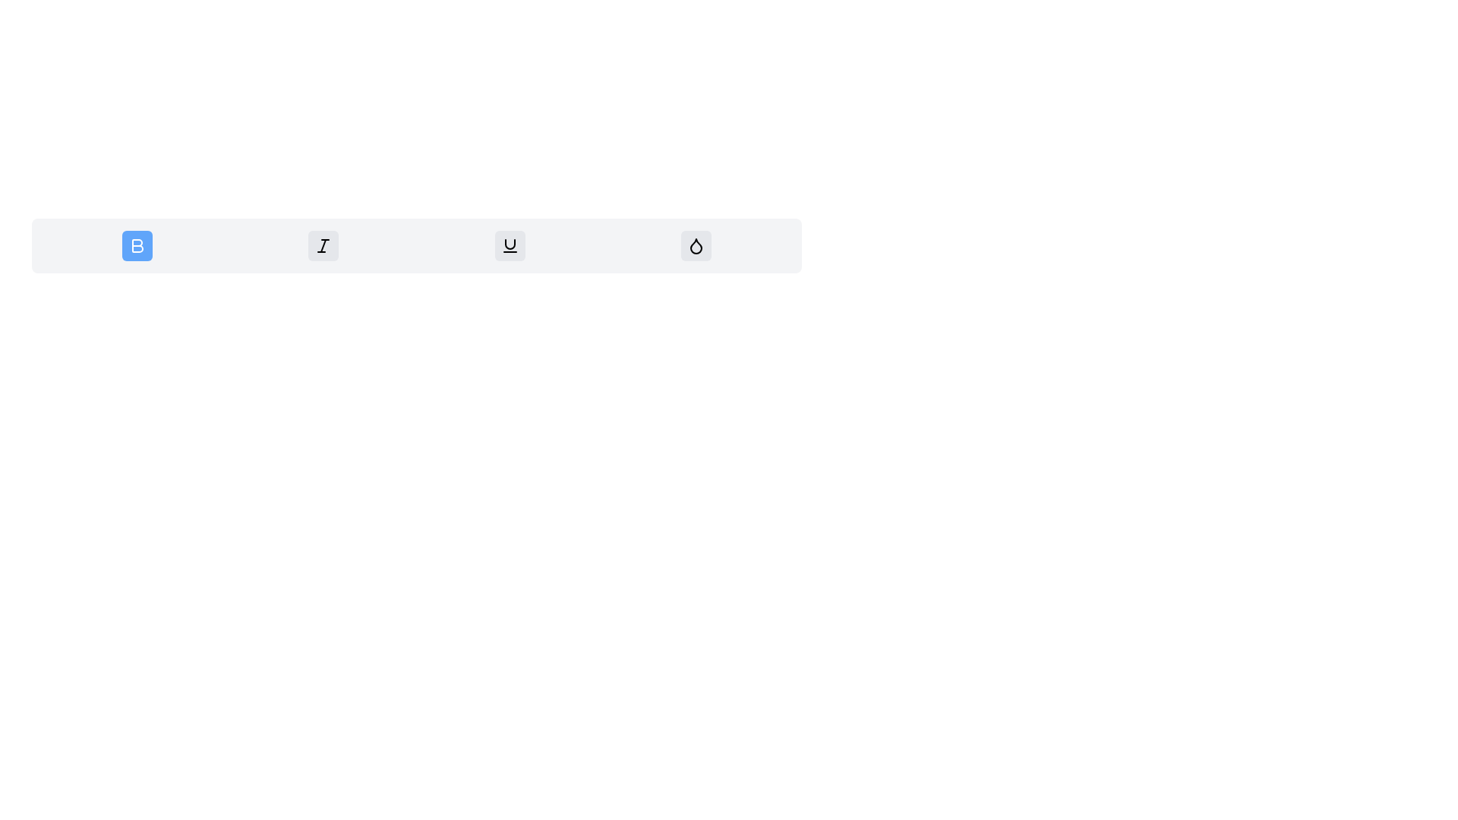  What do you see at coordinates (510, 243) in the screenshot?
I see `the underline icon within the third button from the left in a row of four buttons` at bounding box center [510, 243].